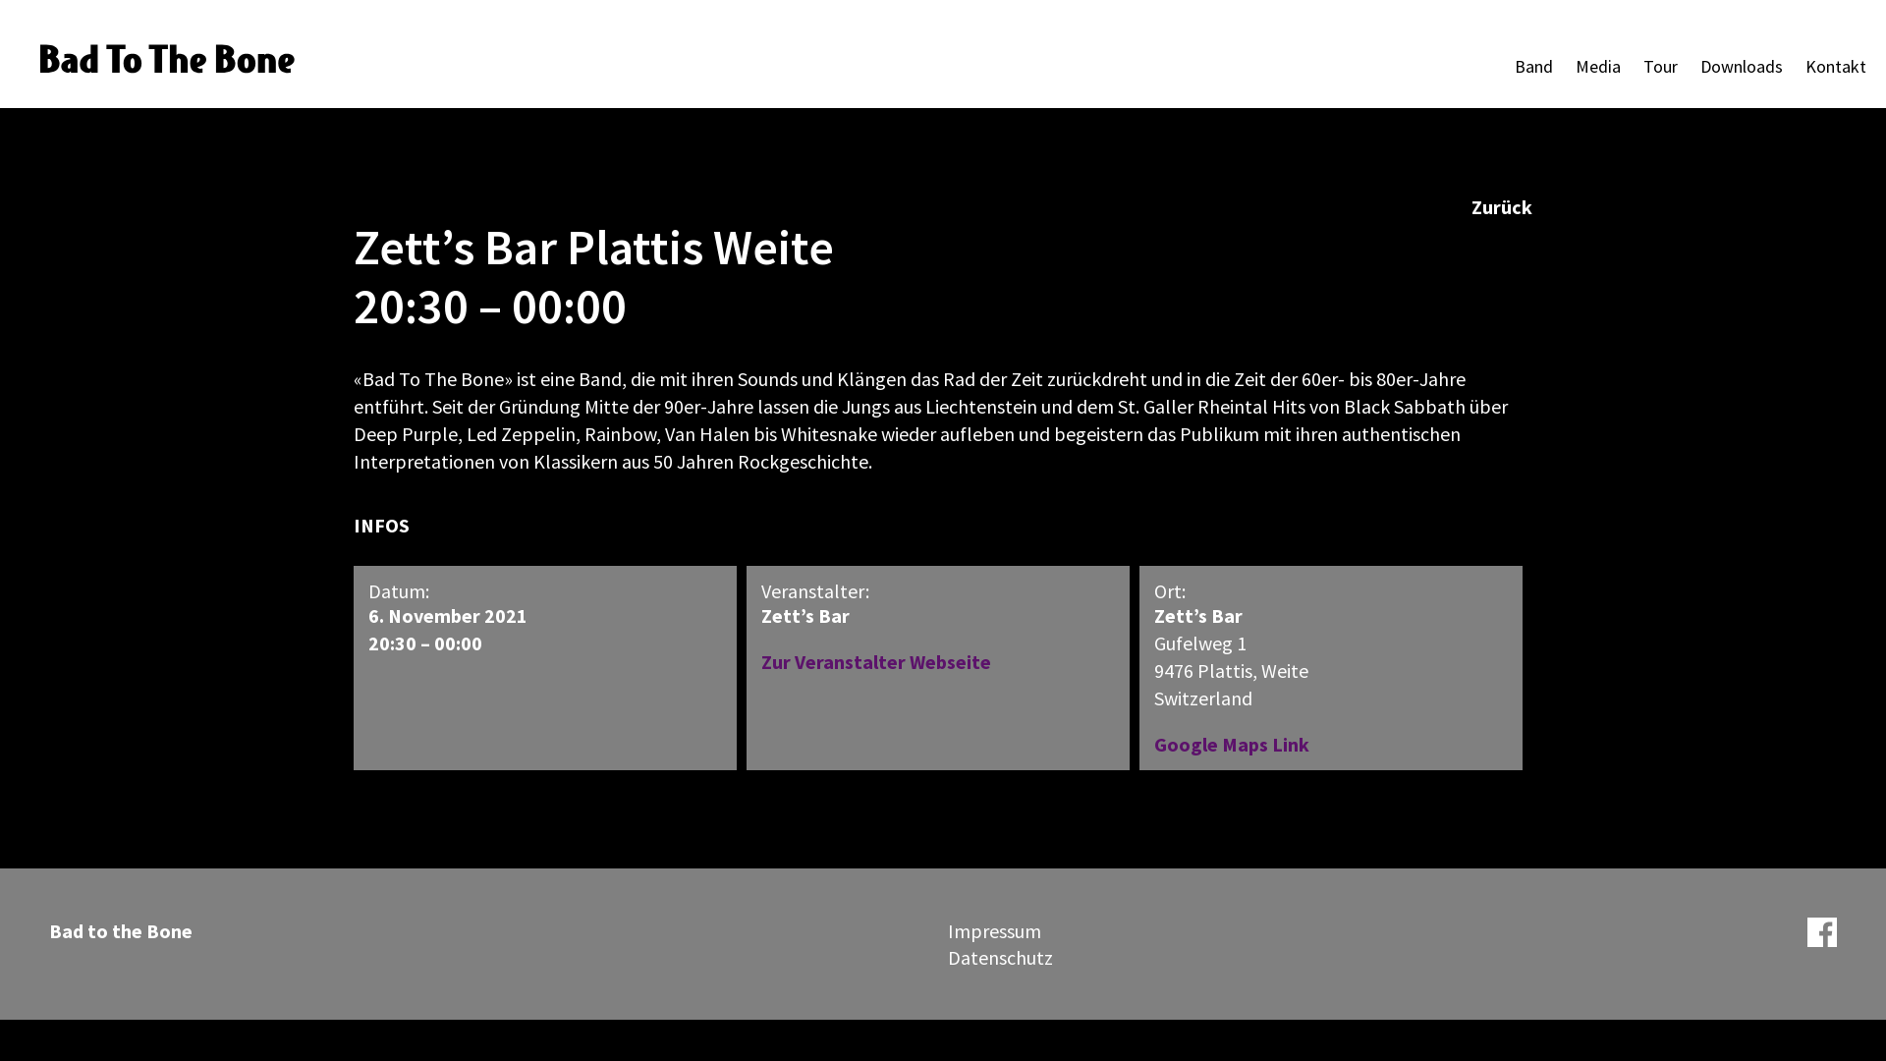 The image size is (1886, 1061). Describe the element at coordinates (1643, 66) in the screenshot. I see `'Tour'` at that location.